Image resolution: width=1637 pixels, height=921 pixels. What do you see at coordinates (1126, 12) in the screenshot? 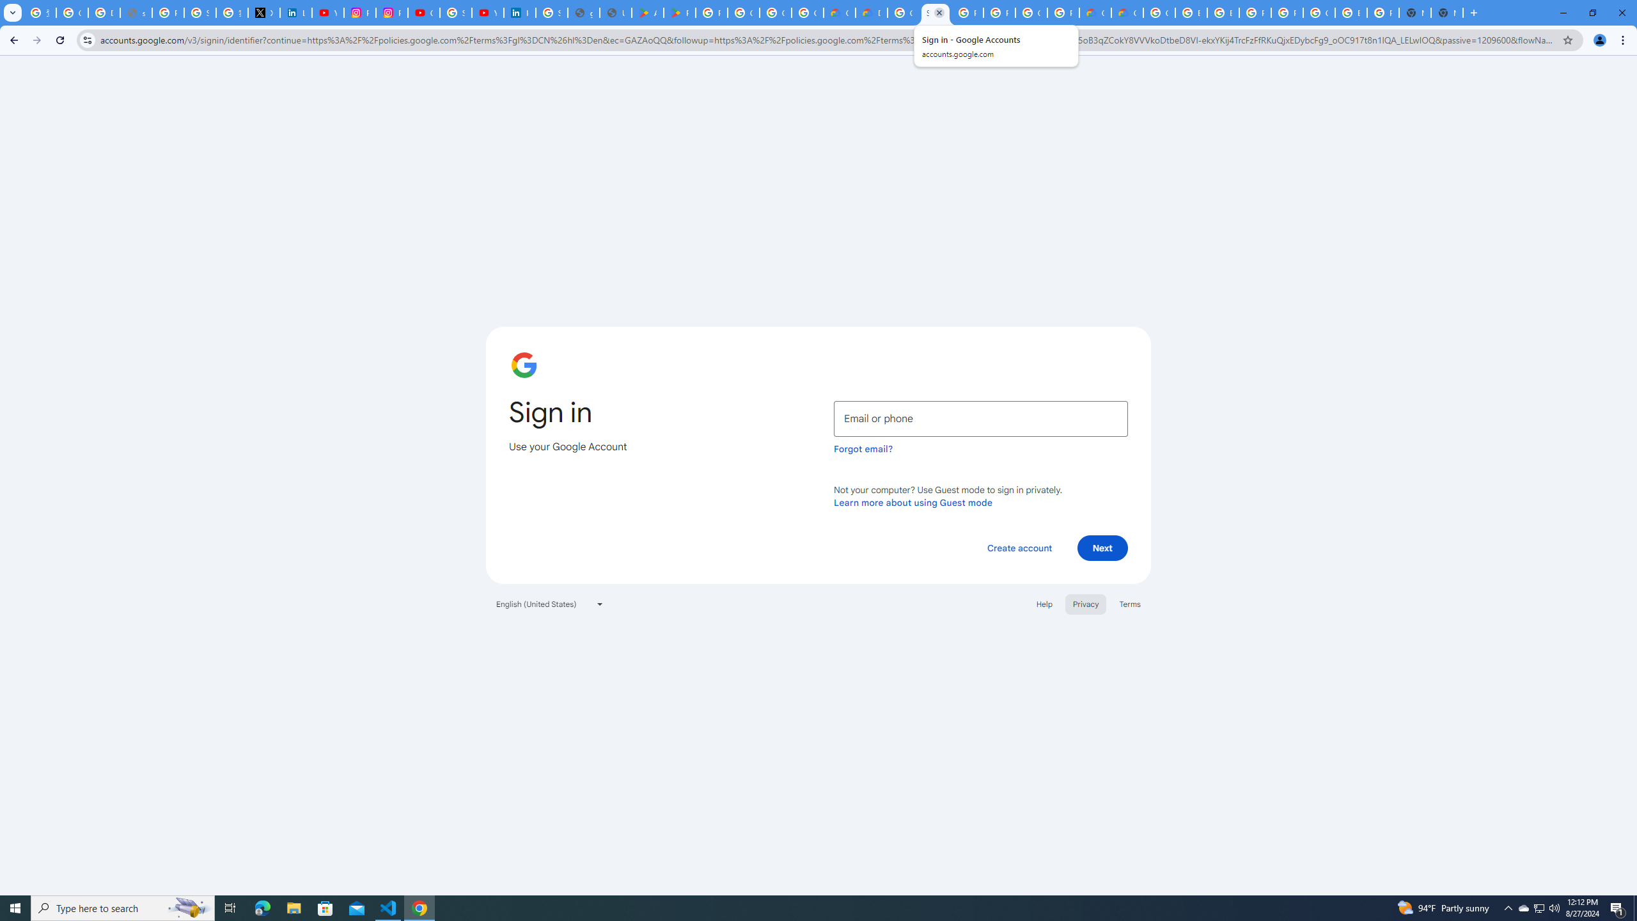
I see `'Google Cloud Estimate Summary'` at bounding box center [1126, 12].